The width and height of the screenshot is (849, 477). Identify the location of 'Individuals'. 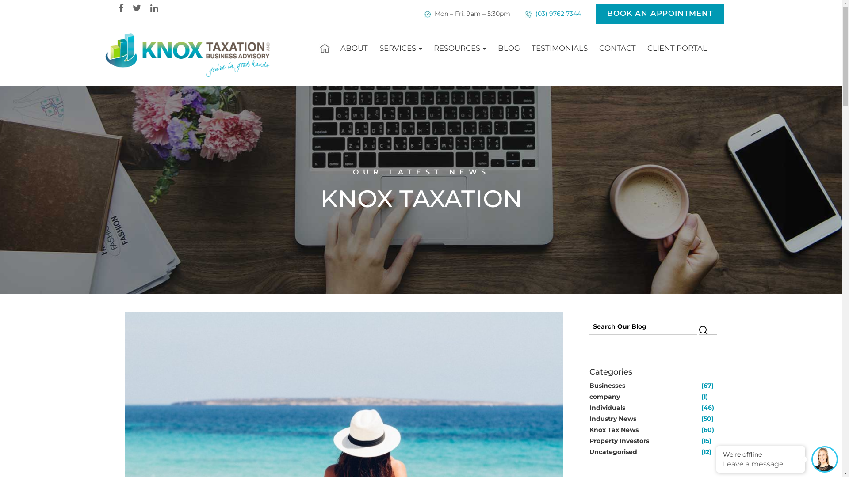
(644, 407).